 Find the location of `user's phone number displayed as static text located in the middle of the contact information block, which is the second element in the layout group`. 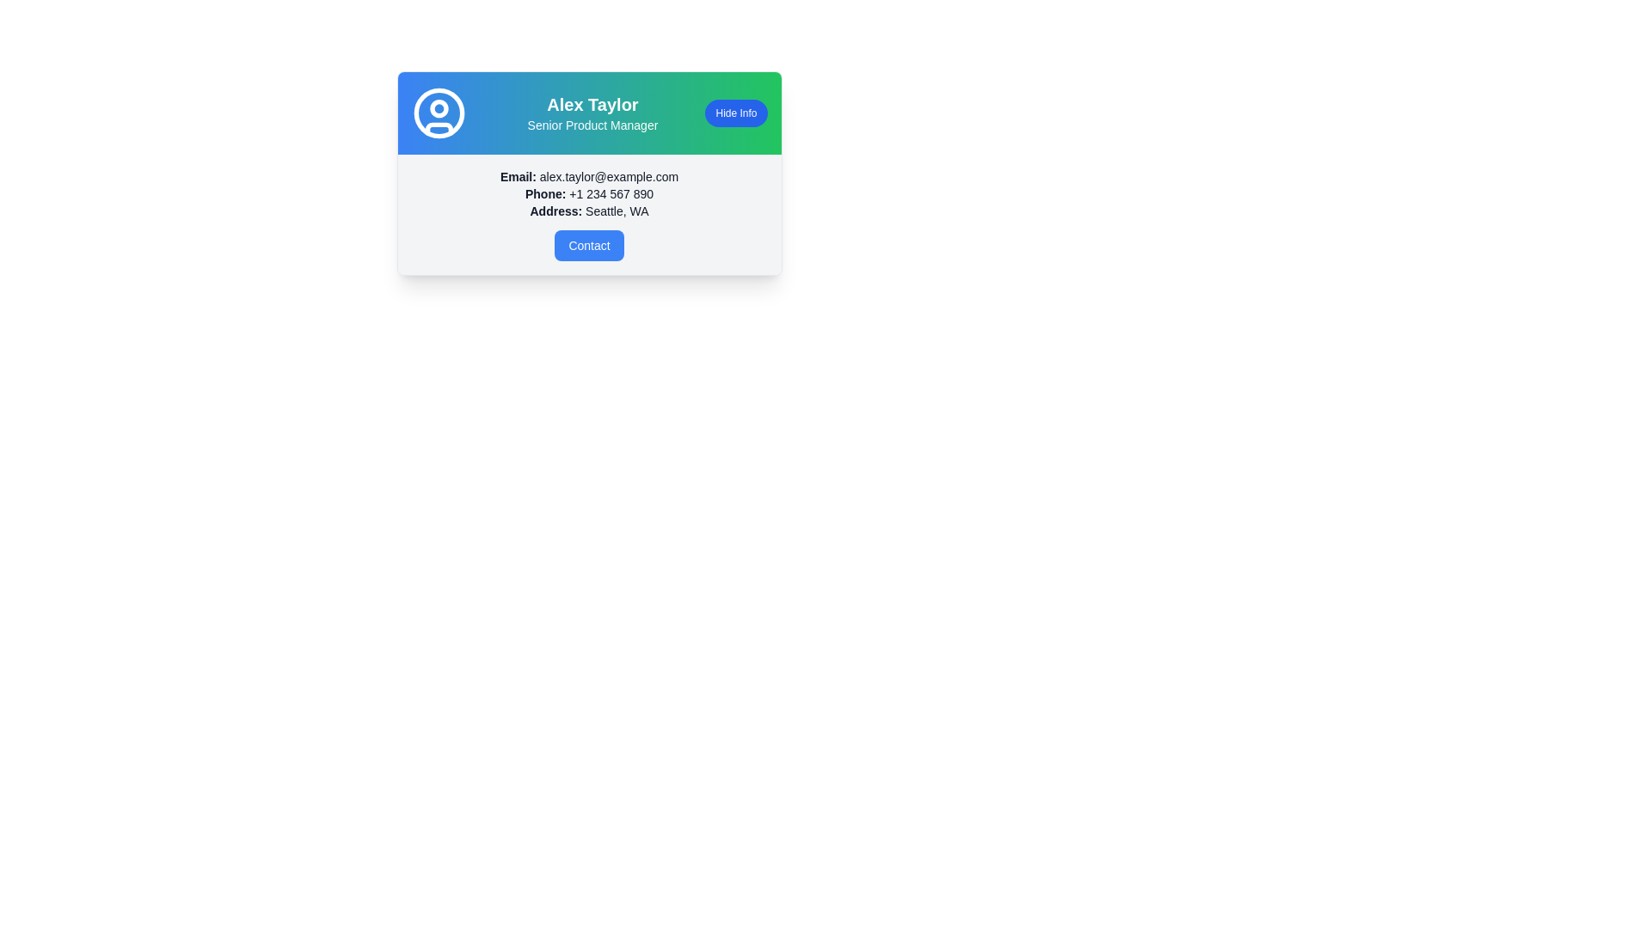

user's phone number displayed as static text located in the middle of the contact information block, which is the second element in the layout group is located at coordinates (589, 193).